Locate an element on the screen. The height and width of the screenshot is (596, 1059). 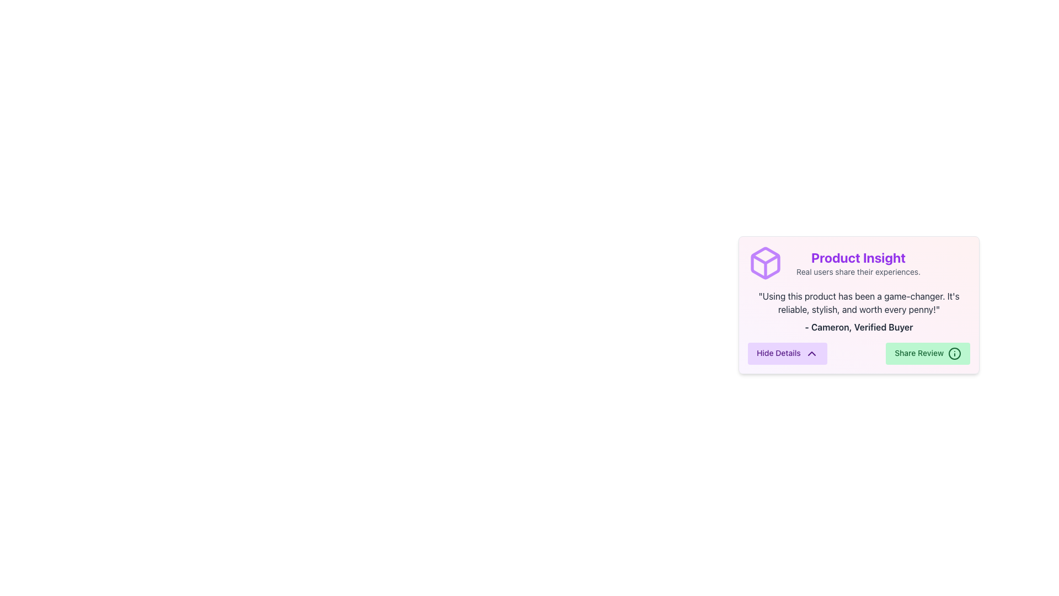
the text element reading 'Real users share their experiences.' which is styled in a small gray font and located below the larger purple heading 'Product Insight' is located at coordinates (858, 272).